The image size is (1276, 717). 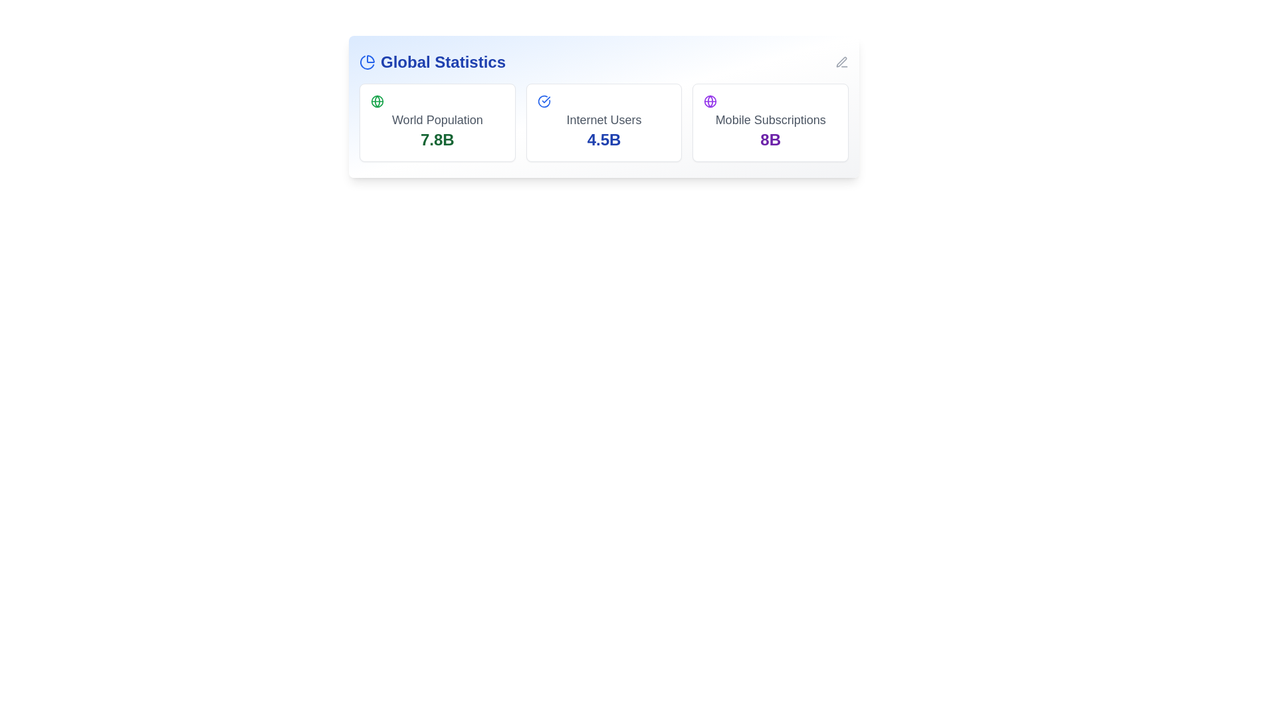 I want to click on the 'Mobile Subscriptions' text label, which is displayed in gray color and located inside the third card from the left, above the statistic '8B' and next to a purple globe icon, so click(x=770, y=120).